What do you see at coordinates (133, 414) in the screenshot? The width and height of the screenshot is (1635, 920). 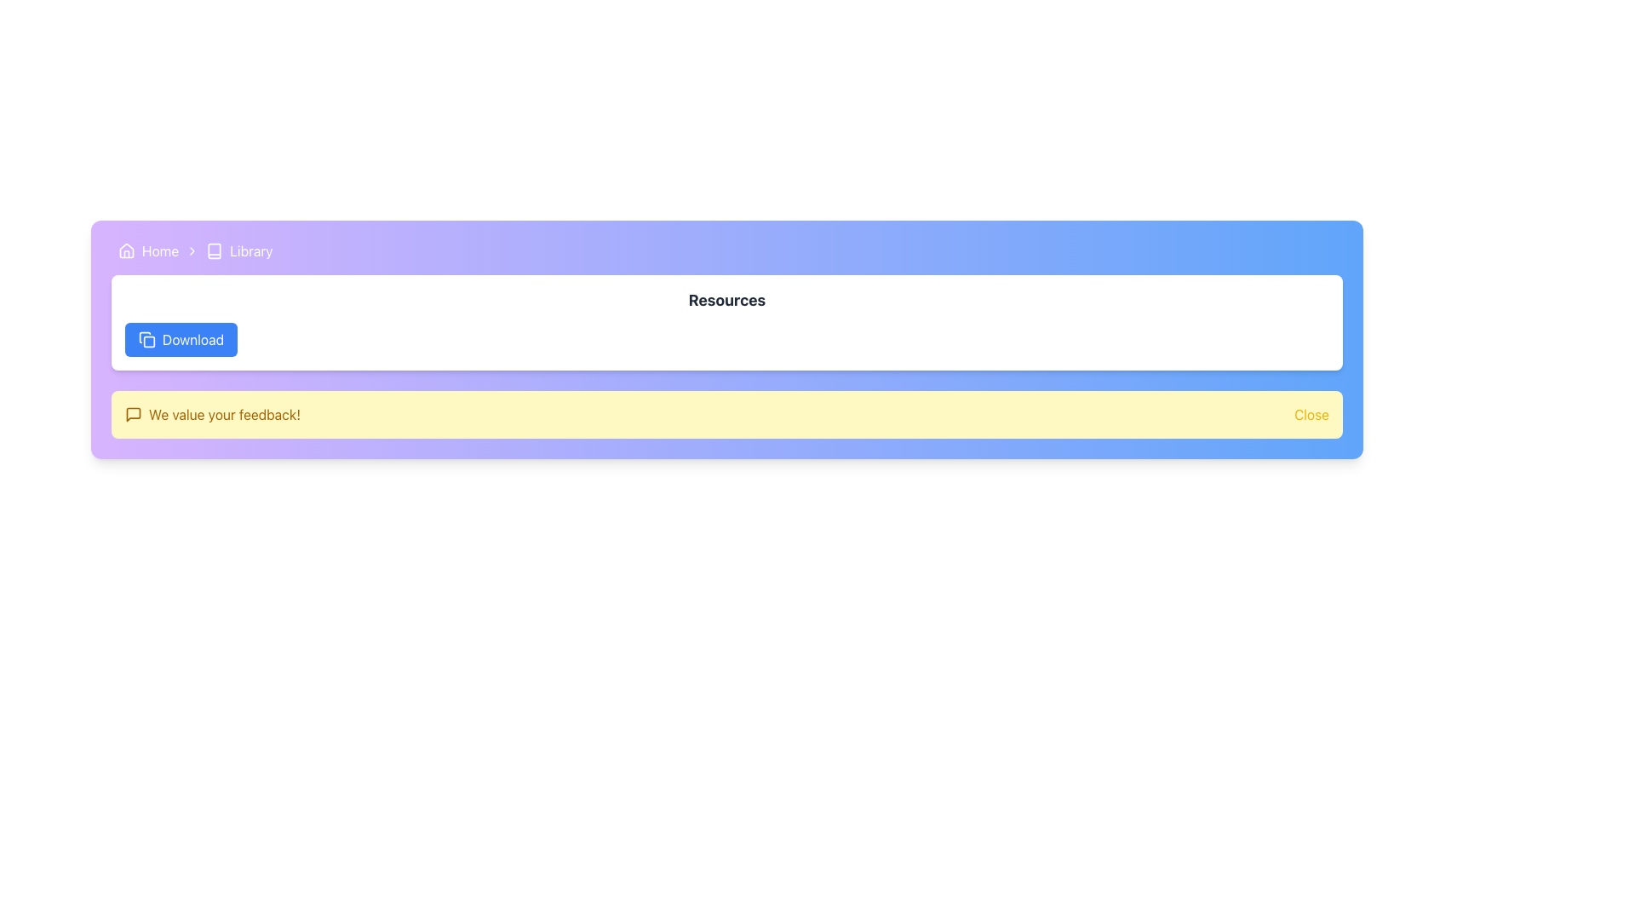 I see `the speech bubble icon located on the left side of the feedback bar, positioned before the text 'We value your feedback!'` at bounding box center [133, 414].